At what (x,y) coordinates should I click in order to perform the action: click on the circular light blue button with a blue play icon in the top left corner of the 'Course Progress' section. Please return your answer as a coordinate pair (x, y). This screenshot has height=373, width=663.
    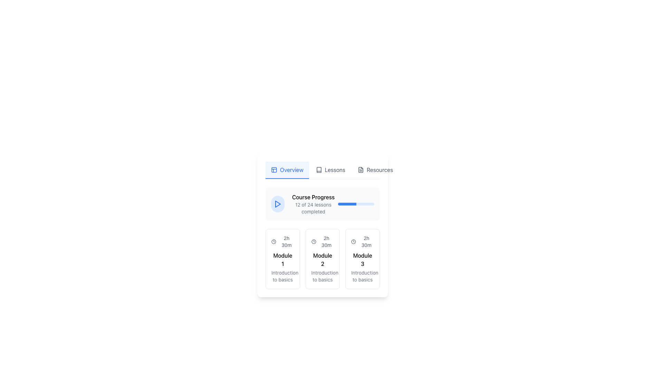
    Looking at the image, I should click on (278, 203).